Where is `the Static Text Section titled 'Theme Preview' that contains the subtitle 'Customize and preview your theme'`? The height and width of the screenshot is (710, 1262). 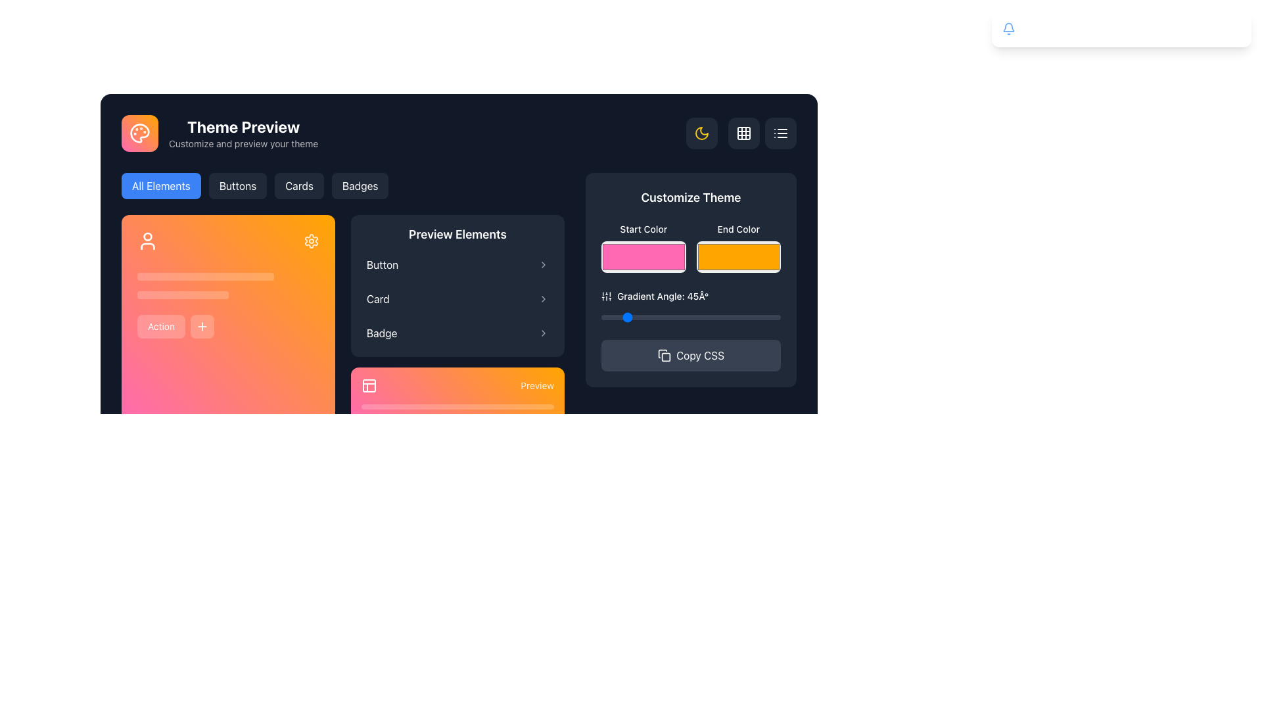
the Static Text Section titled 'Theme Preview' that contains the subtitle 'Customize and preview your theme' is located at coordinates (243, 133).